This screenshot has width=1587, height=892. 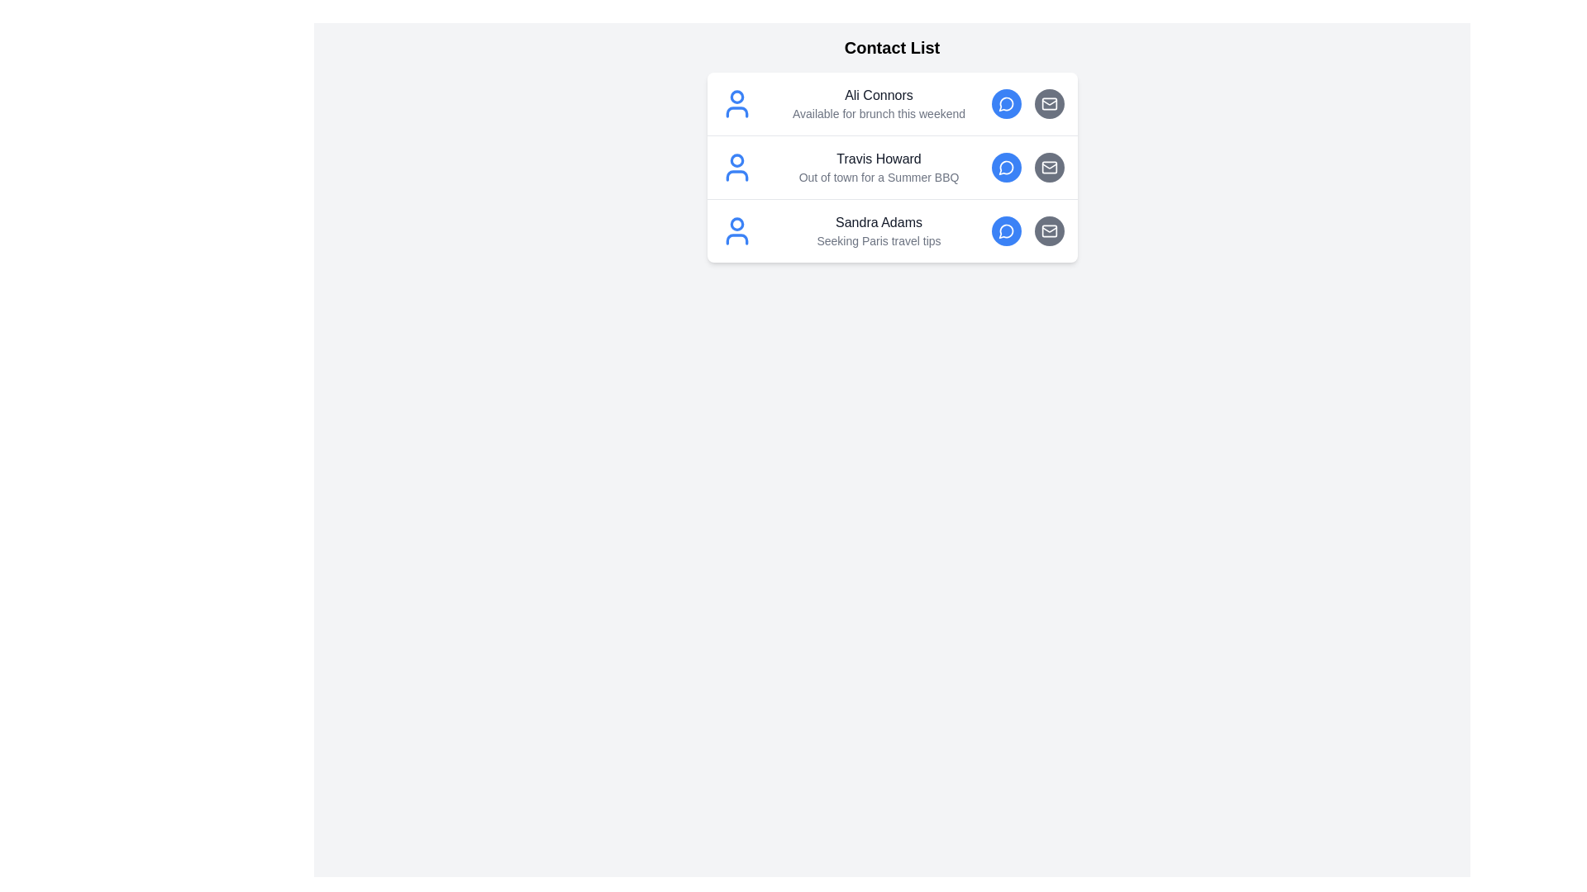 What do you see at coordinates (1005, 231) in the screenshot?
I see `the blue circular button with a white message bubble icon located adjacent to 'Sandra Adams' in the contact listing interface` at bounding box center [1005, 231].